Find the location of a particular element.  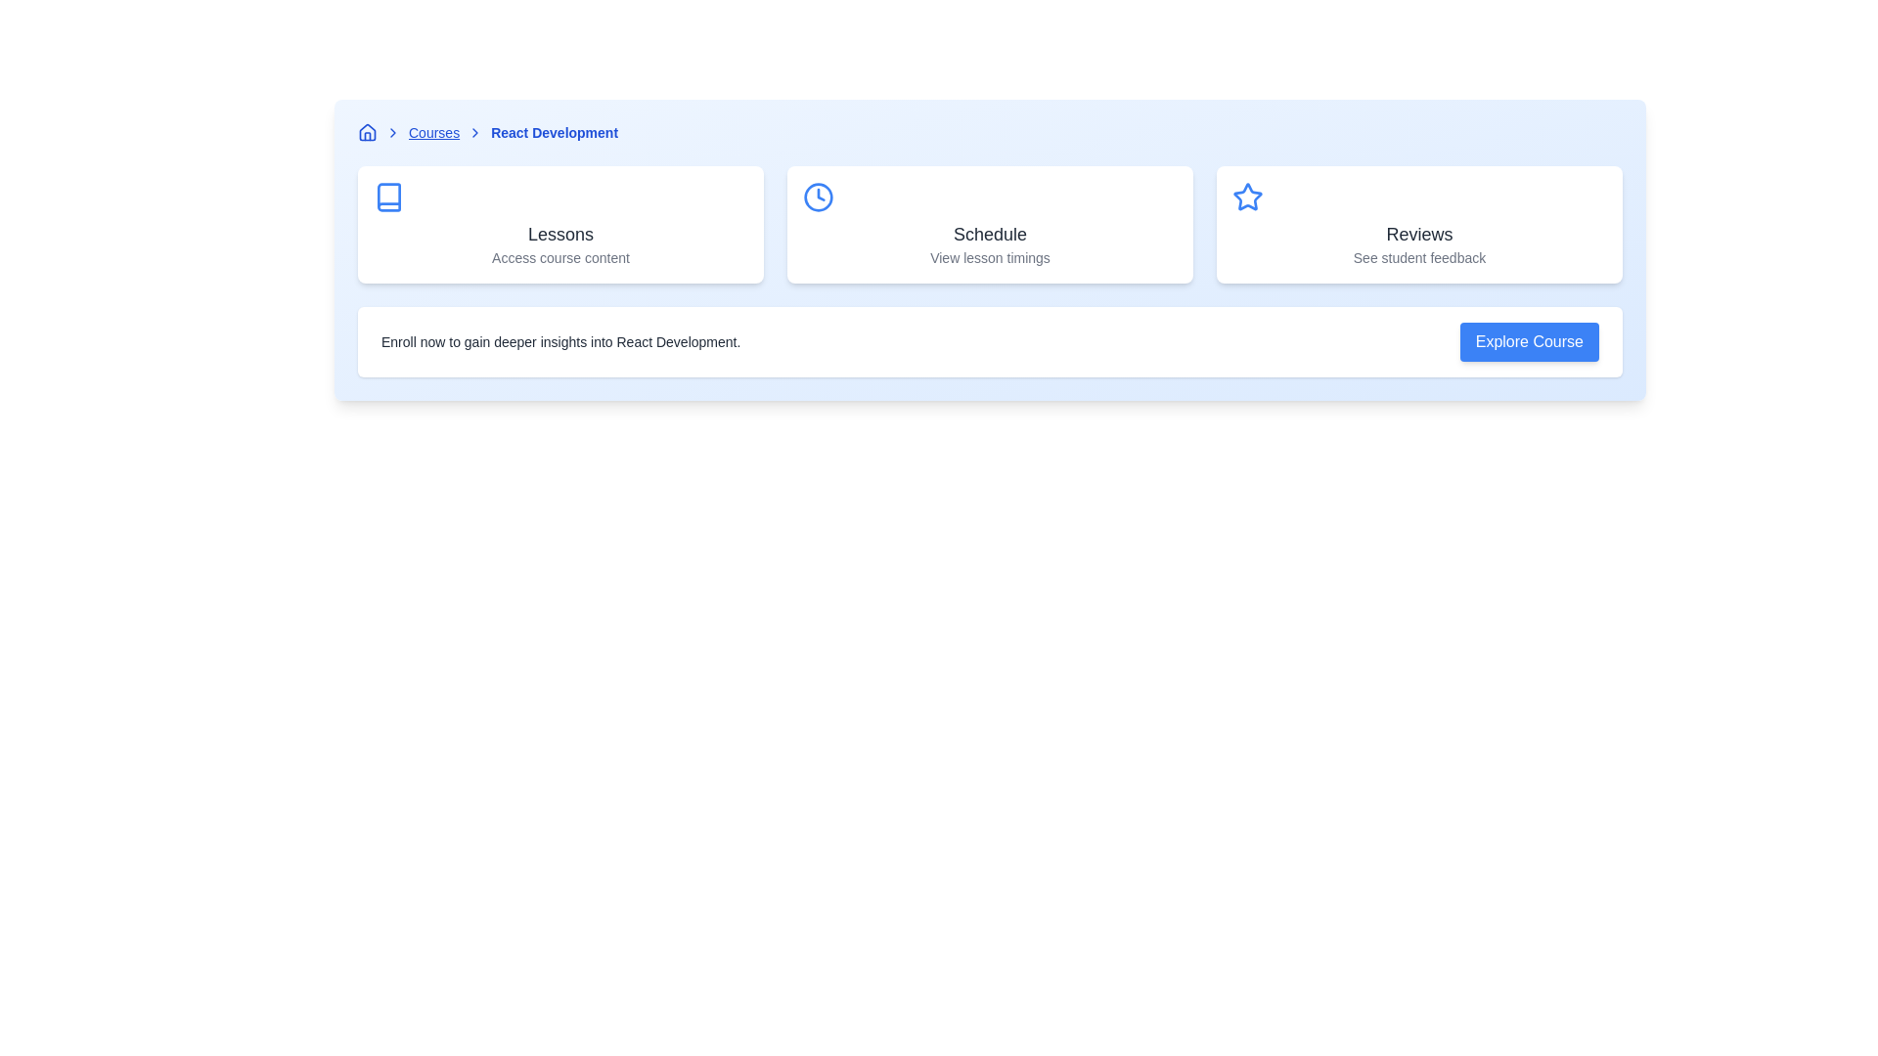

descriptive text label located at the bottom of the 'Reviews' card, which provides additional information about the Reviews section is located at coordinates (1419, 256).